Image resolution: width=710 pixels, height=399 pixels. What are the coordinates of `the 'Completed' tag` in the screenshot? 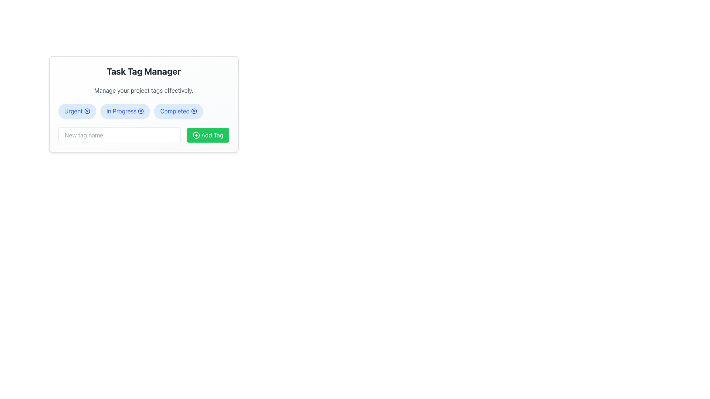 It's located at (179, 111).